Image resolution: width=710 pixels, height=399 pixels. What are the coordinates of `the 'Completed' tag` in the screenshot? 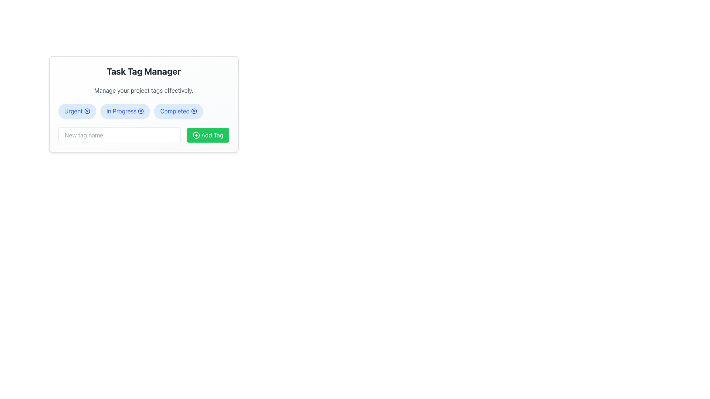 It's located at (179, 111).